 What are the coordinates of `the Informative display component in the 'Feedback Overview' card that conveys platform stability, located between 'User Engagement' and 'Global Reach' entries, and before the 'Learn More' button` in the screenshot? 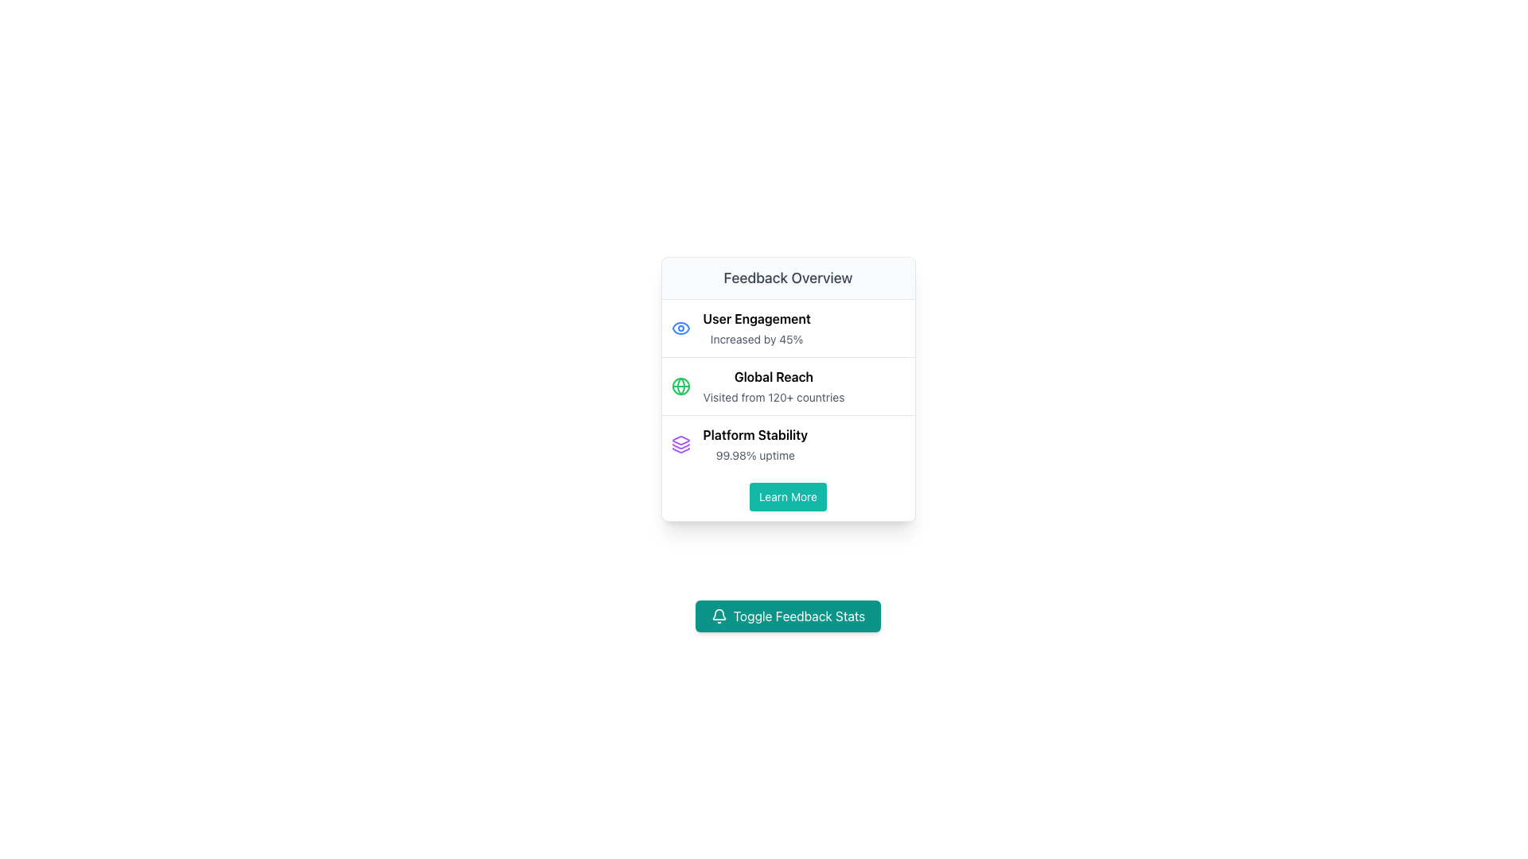 It's located at (788, 444).